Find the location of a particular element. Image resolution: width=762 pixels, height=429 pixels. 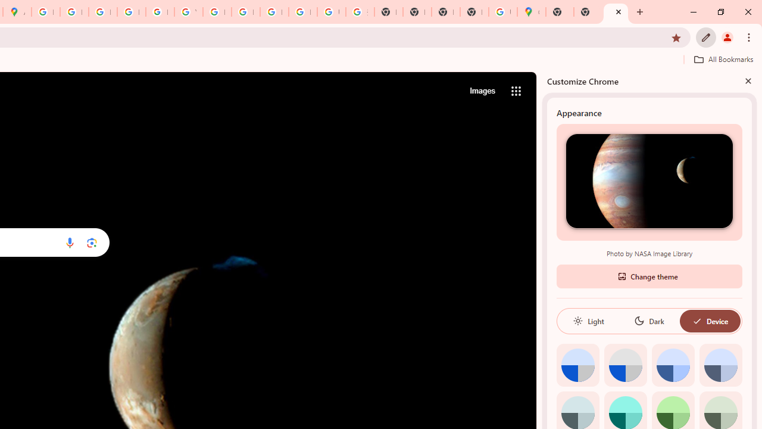

'Default color' is located at coordinates (577, 364).